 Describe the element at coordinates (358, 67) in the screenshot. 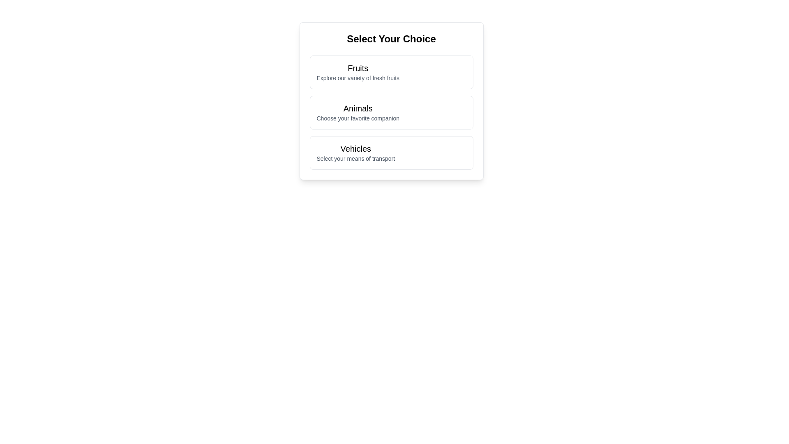

I see `the prominent text label 'Fruits' at the top of the menu` at that location.